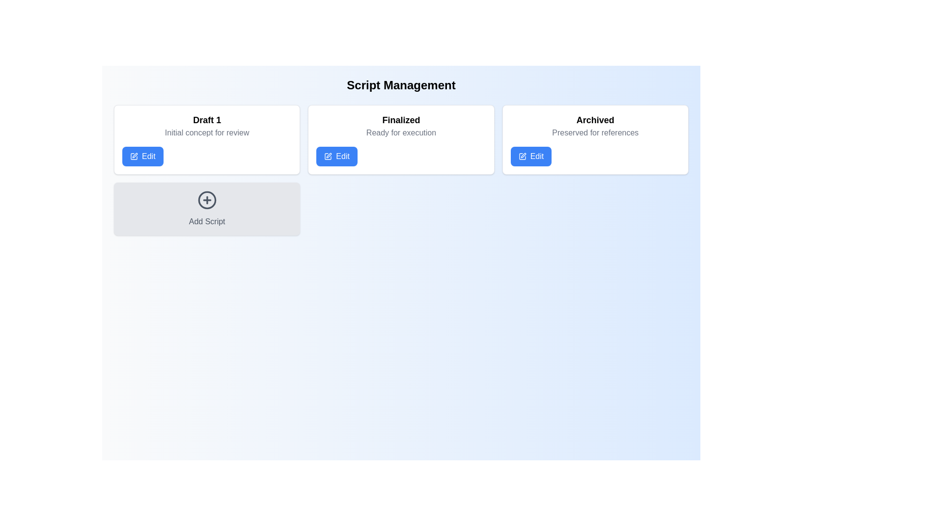 The image size is (943, 530). What do you see at coordinates (522, 156) in the screenshot?
I see `the Icon Button within the blue 'Edit' button in the third section under the 'Archived' heading to initiate the edit action` at bounding box center [522, 156].